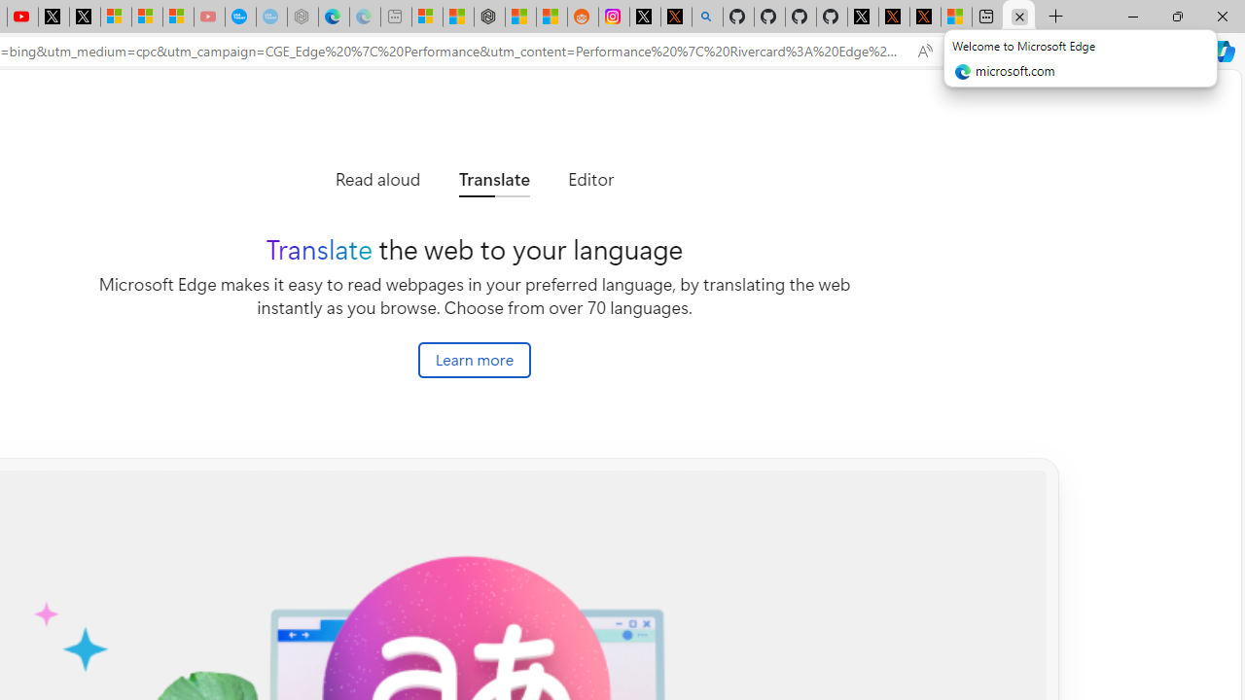 The image size is (1245, 700). I want to click on 'Nordace - Duffels', so click(489, 17).